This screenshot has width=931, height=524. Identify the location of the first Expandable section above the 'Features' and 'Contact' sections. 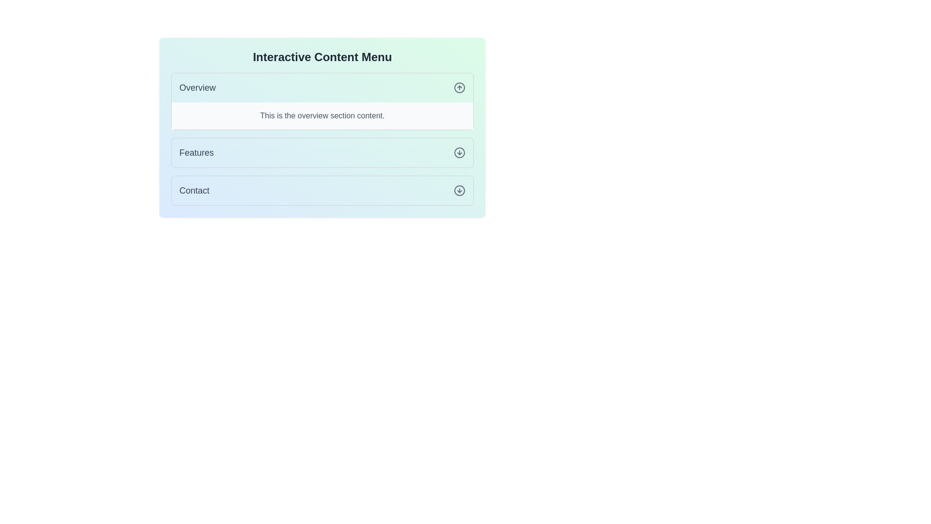
(322, 101).